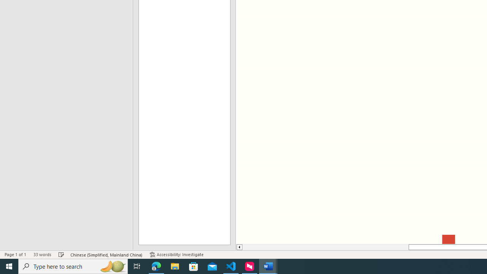 The width and height of the screenshot is (487, 274). What do you see at coordinates (176, 255) in the screenshot?
I see `'Accessibility Checker Accessibility: Investigate'` at bounding box center [176, 255].